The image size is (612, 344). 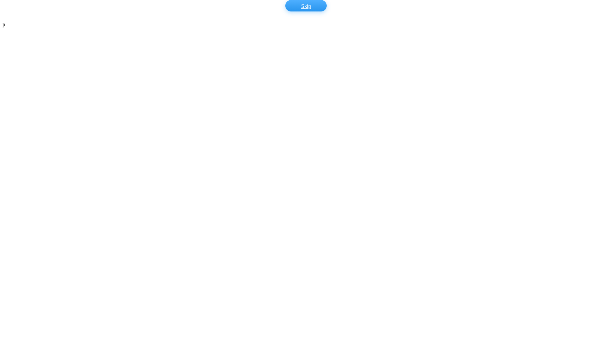 What do you see at coordinates (285, 6) in the screenshot?
I see `'Skip'` at bounding box center [285, 6].